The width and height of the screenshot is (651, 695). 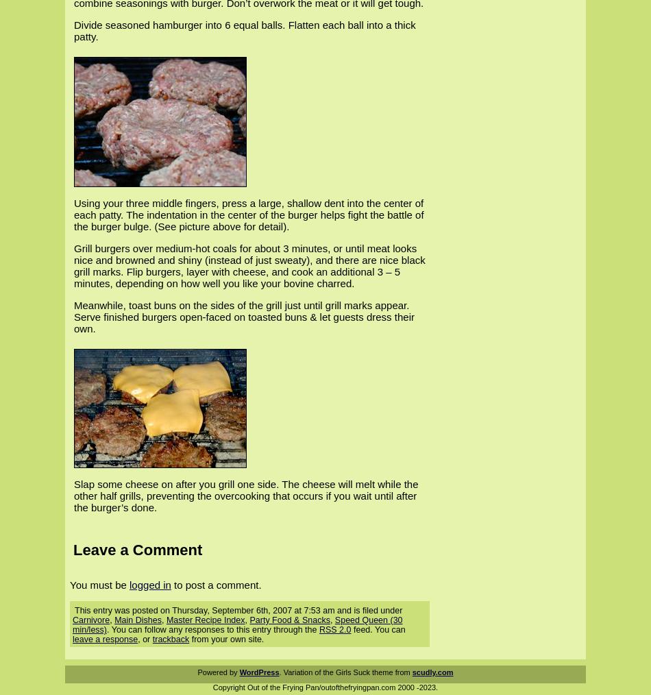 What do you see at coordinates (432, 672) in the screenshot?
I see `'scudly.com'` at bounding box center [432, 672].